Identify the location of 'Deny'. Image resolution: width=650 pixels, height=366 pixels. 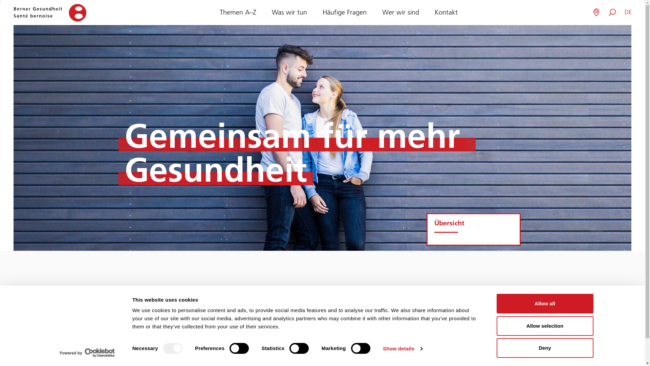
(496, 348).